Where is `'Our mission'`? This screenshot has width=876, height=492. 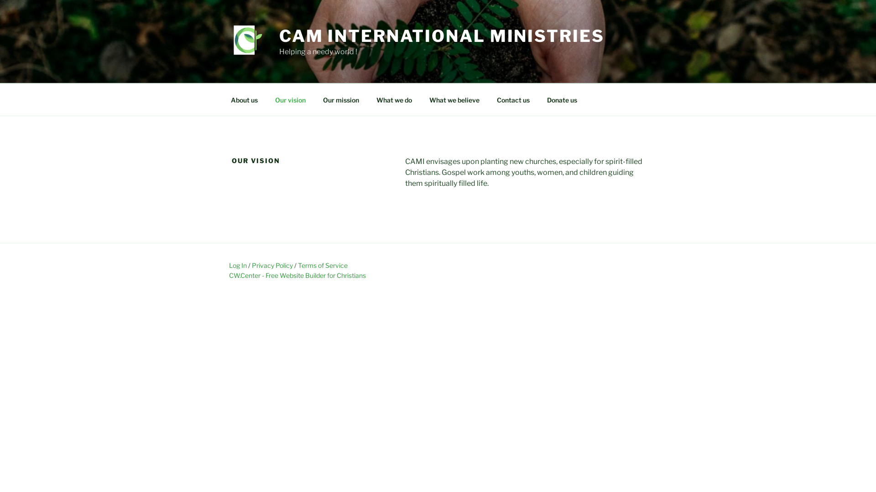 'Our mission' is located at coordinates (315, 99).